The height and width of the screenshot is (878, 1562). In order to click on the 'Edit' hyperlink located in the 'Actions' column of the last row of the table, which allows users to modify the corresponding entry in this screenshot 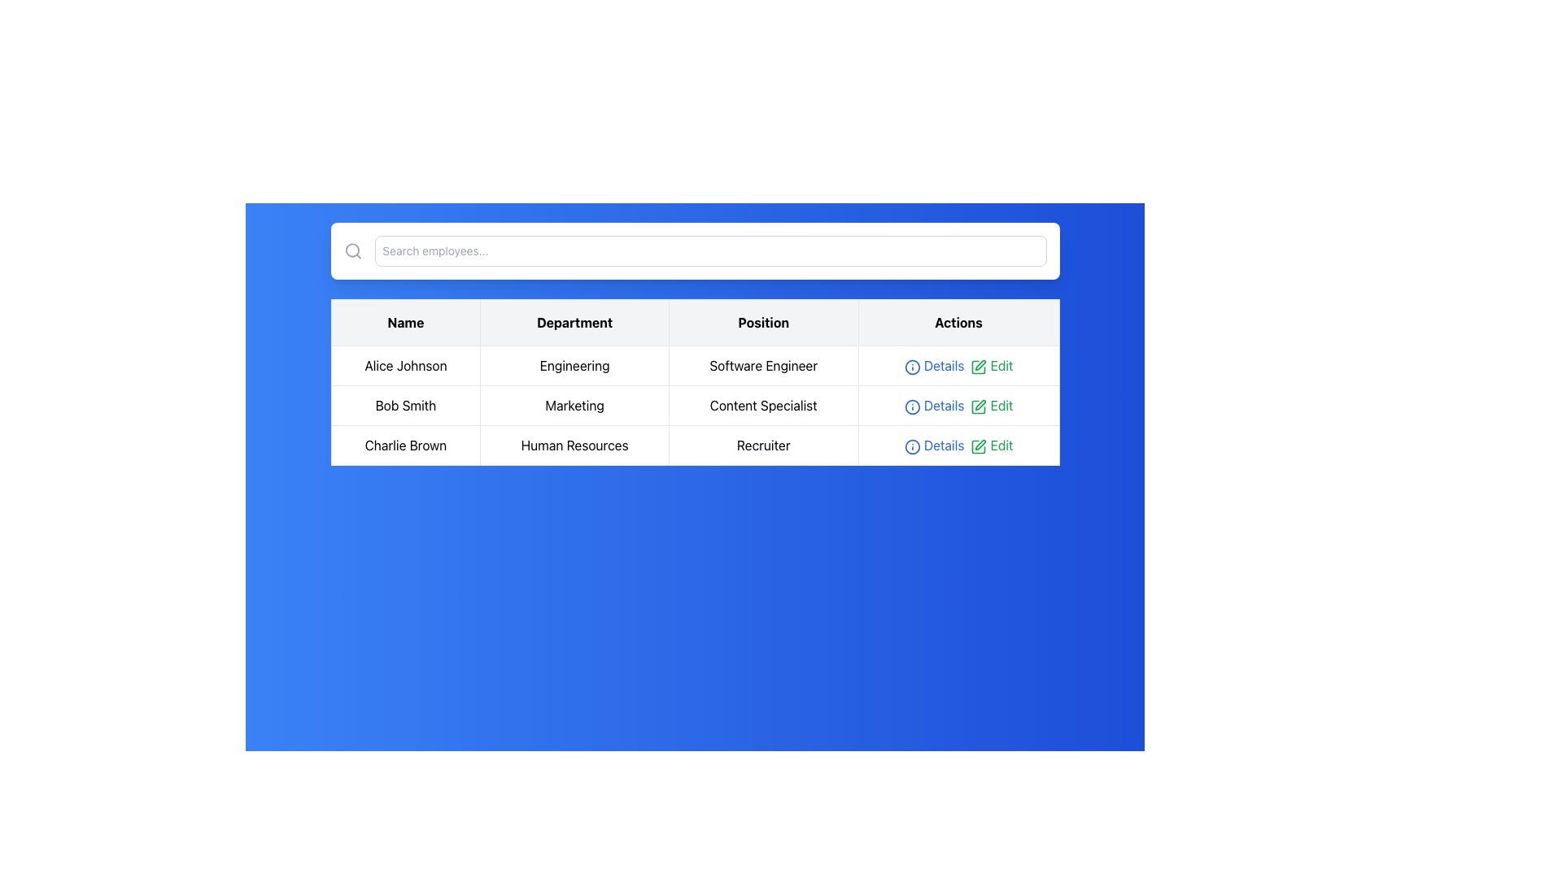, I will do `click(991, 445)`.